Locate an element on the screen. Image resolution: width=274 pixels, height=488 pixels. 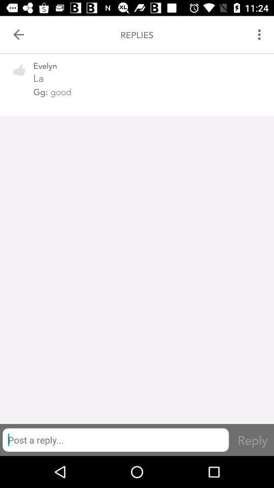
icon next to the reply icon is located at coordinates (115, 439).